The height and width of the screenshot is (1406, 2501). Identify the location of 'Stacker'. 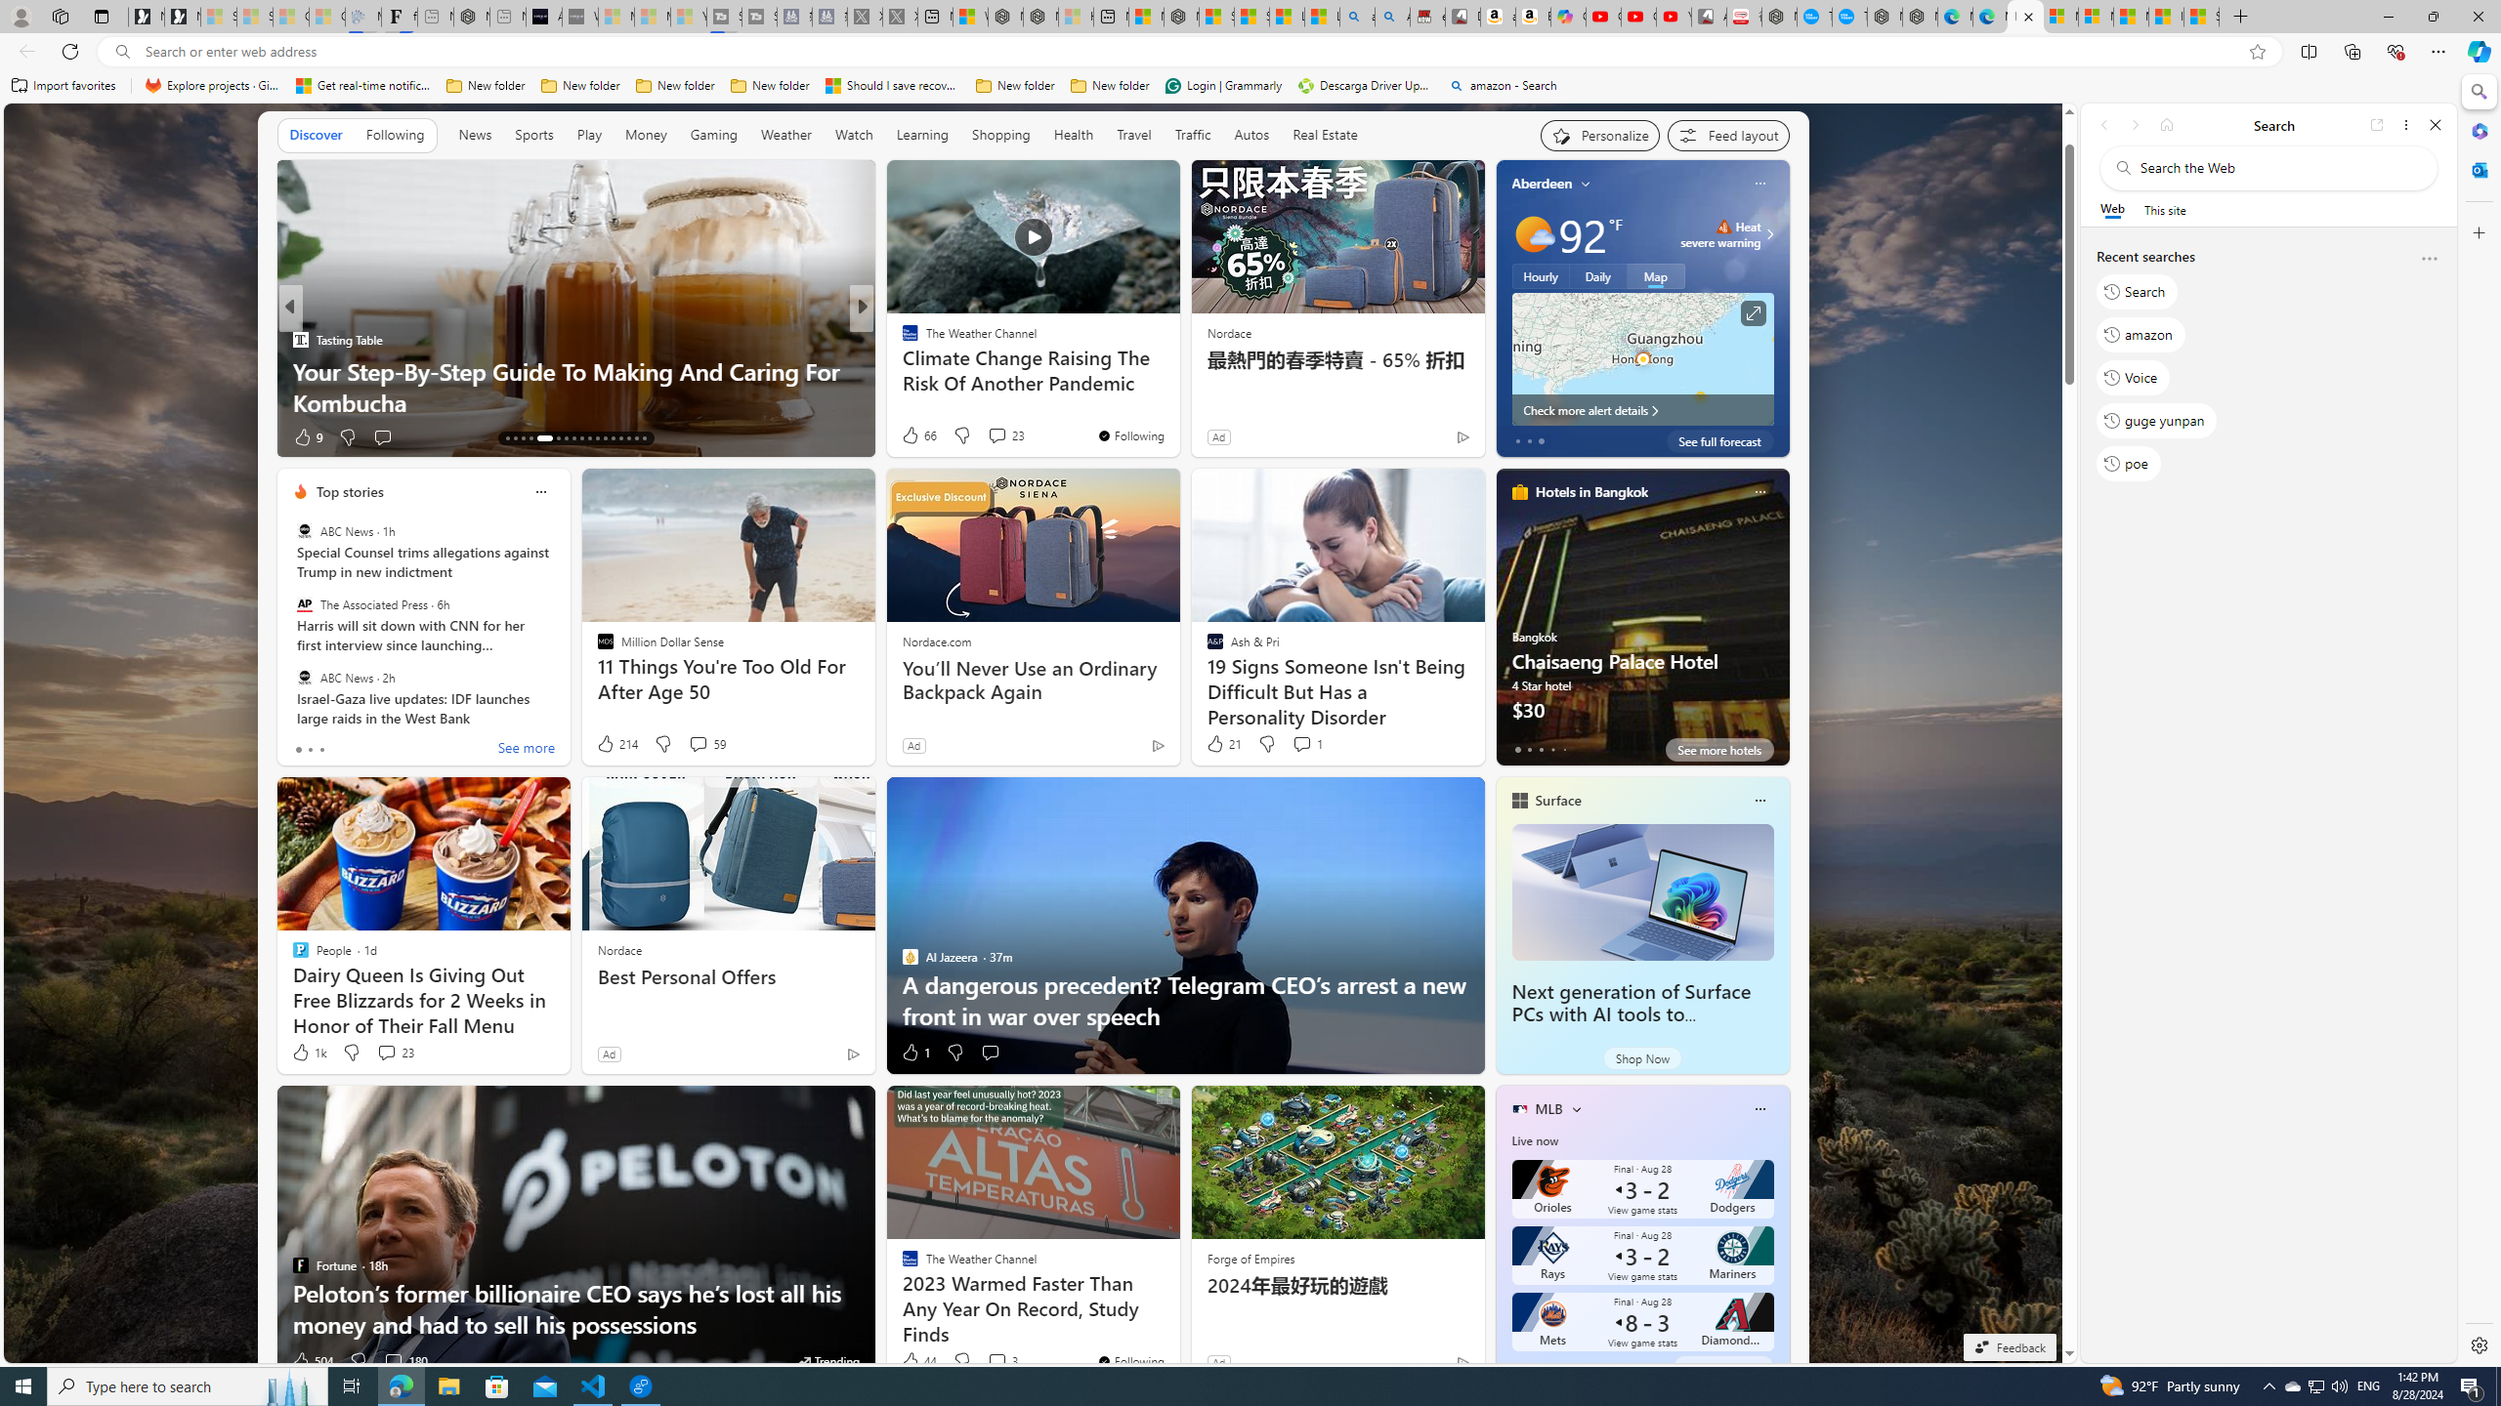
(900, 338).